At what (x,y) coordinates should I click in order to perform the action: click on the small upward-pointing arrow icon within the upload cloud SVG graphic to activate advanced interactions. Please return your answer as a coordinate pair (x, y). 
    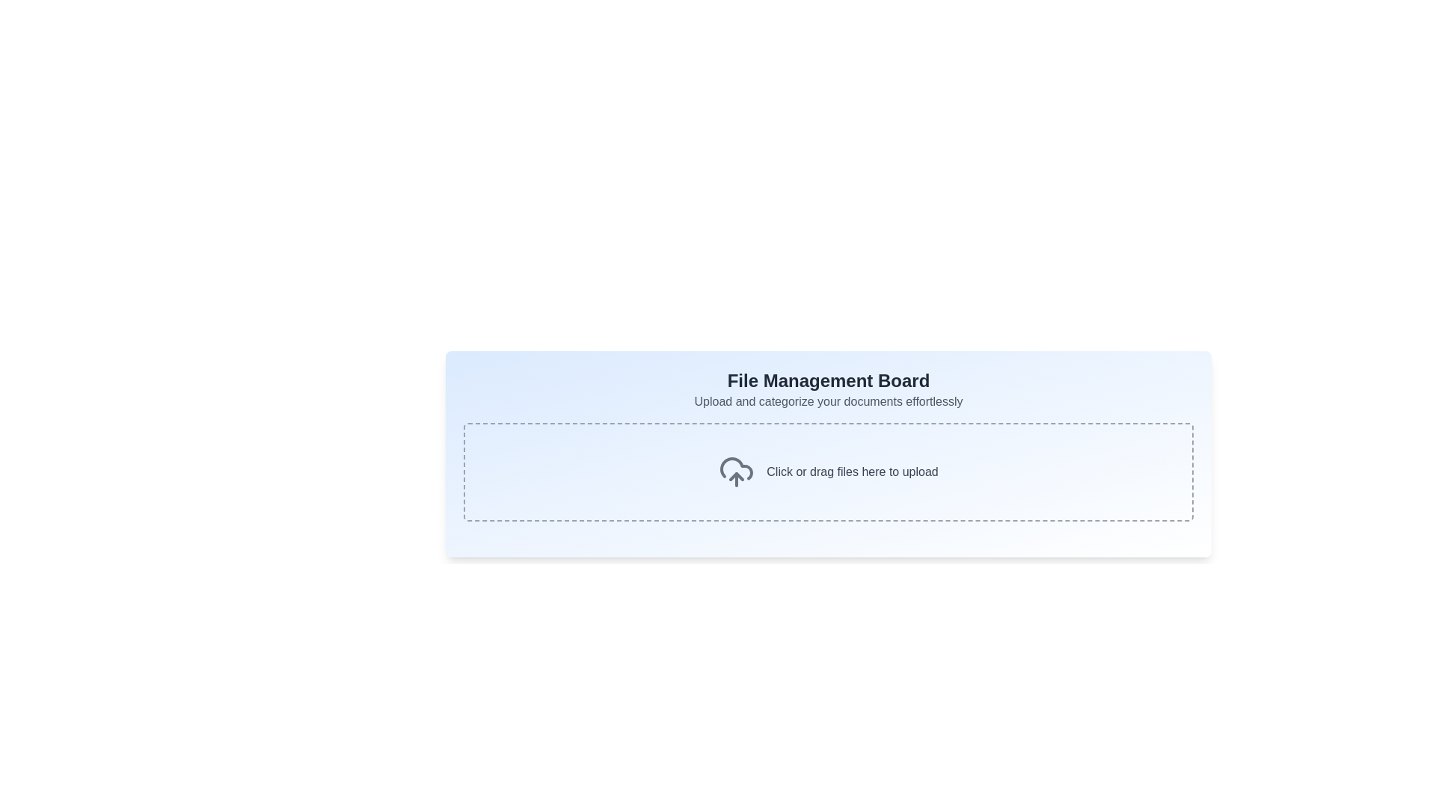
    Looking at the image, I should click on (737, 476).